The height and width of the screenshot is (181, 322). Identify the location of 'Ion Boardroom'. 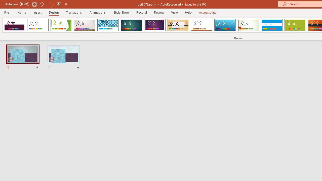
(154, 25).